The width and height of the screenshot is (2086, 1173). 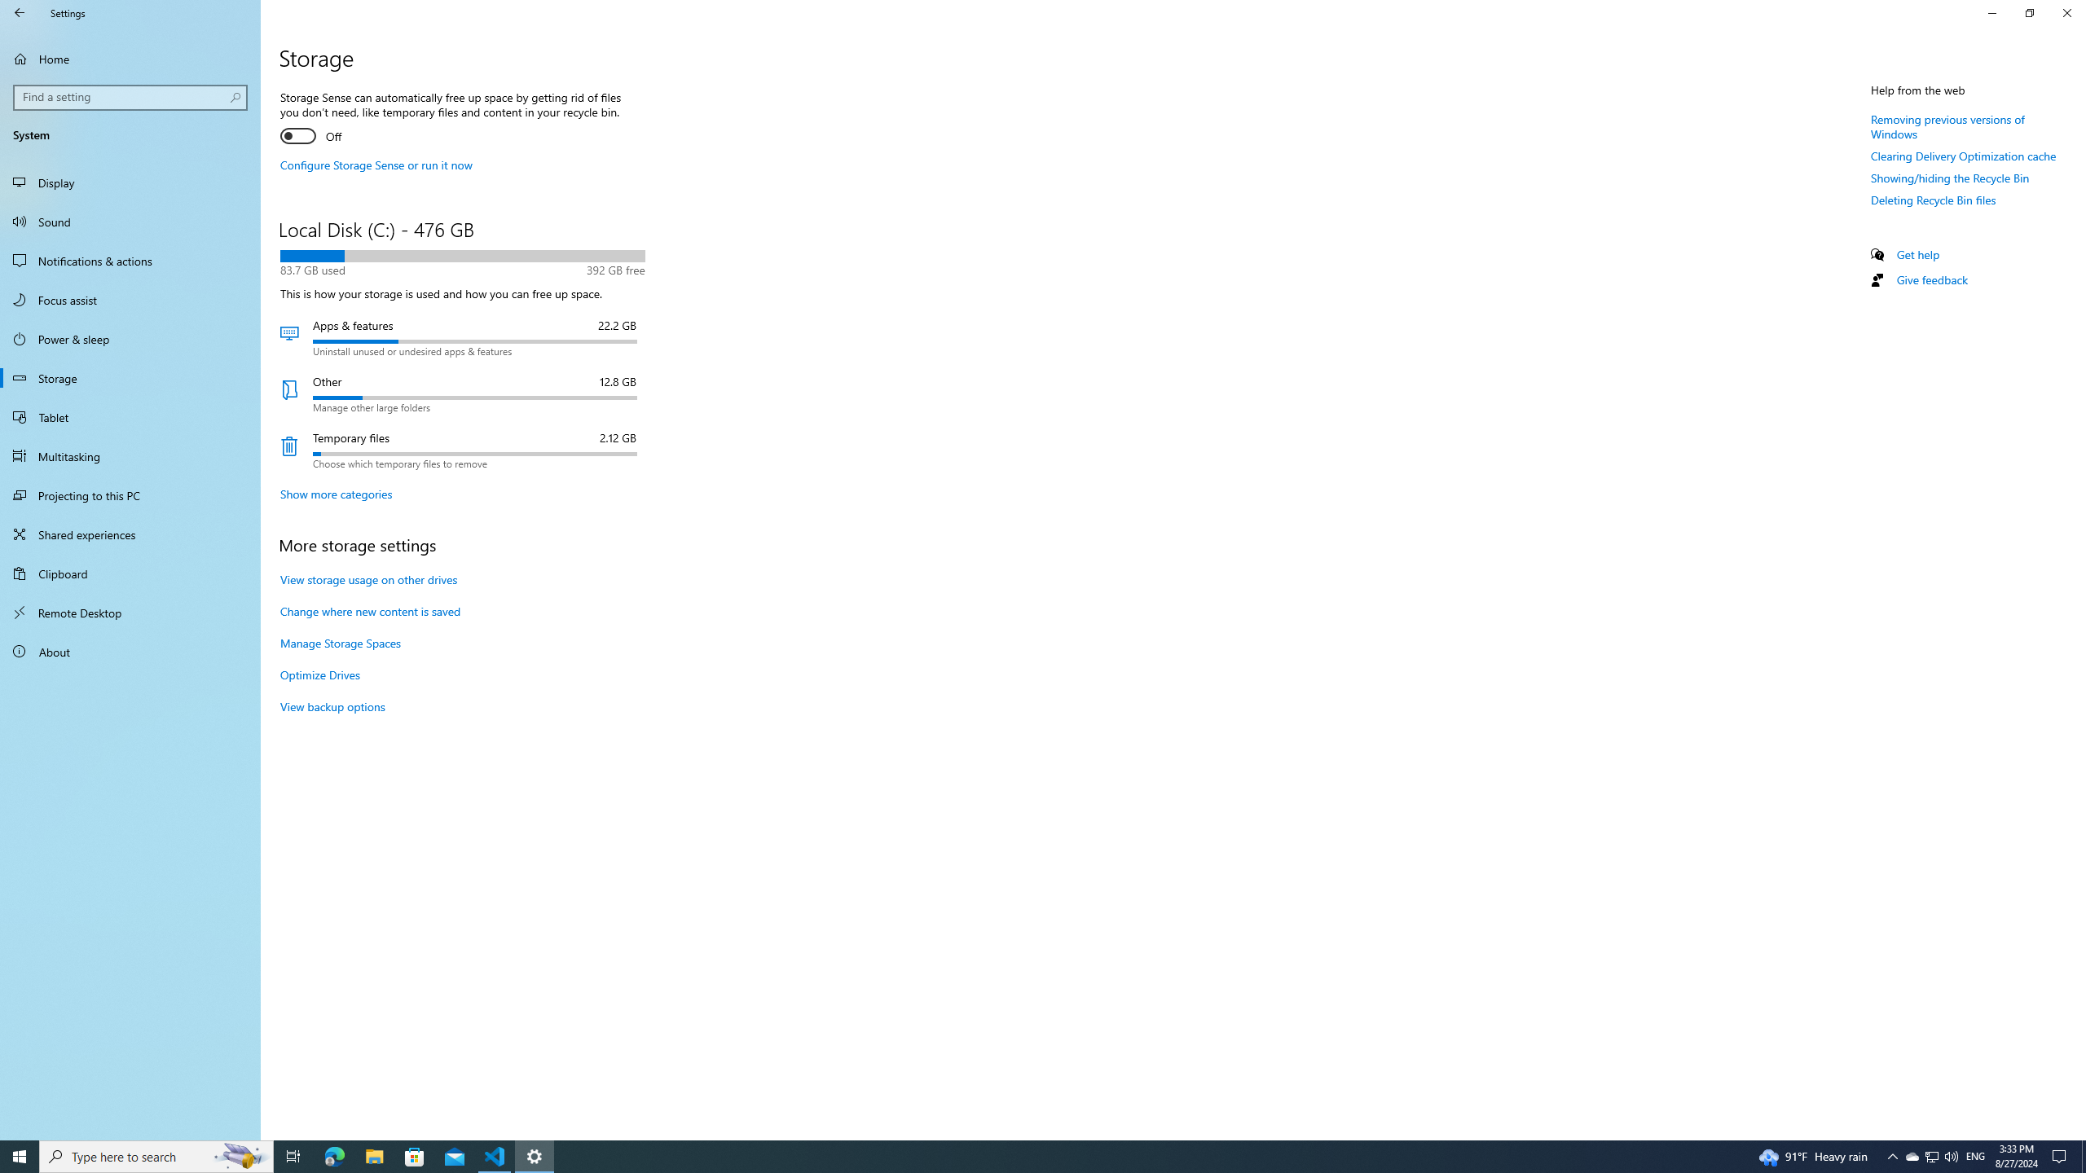 What do you see at coordinates (130, 377) in the screenshot?
I see `'Storage'` at bounding box center [130, 377].